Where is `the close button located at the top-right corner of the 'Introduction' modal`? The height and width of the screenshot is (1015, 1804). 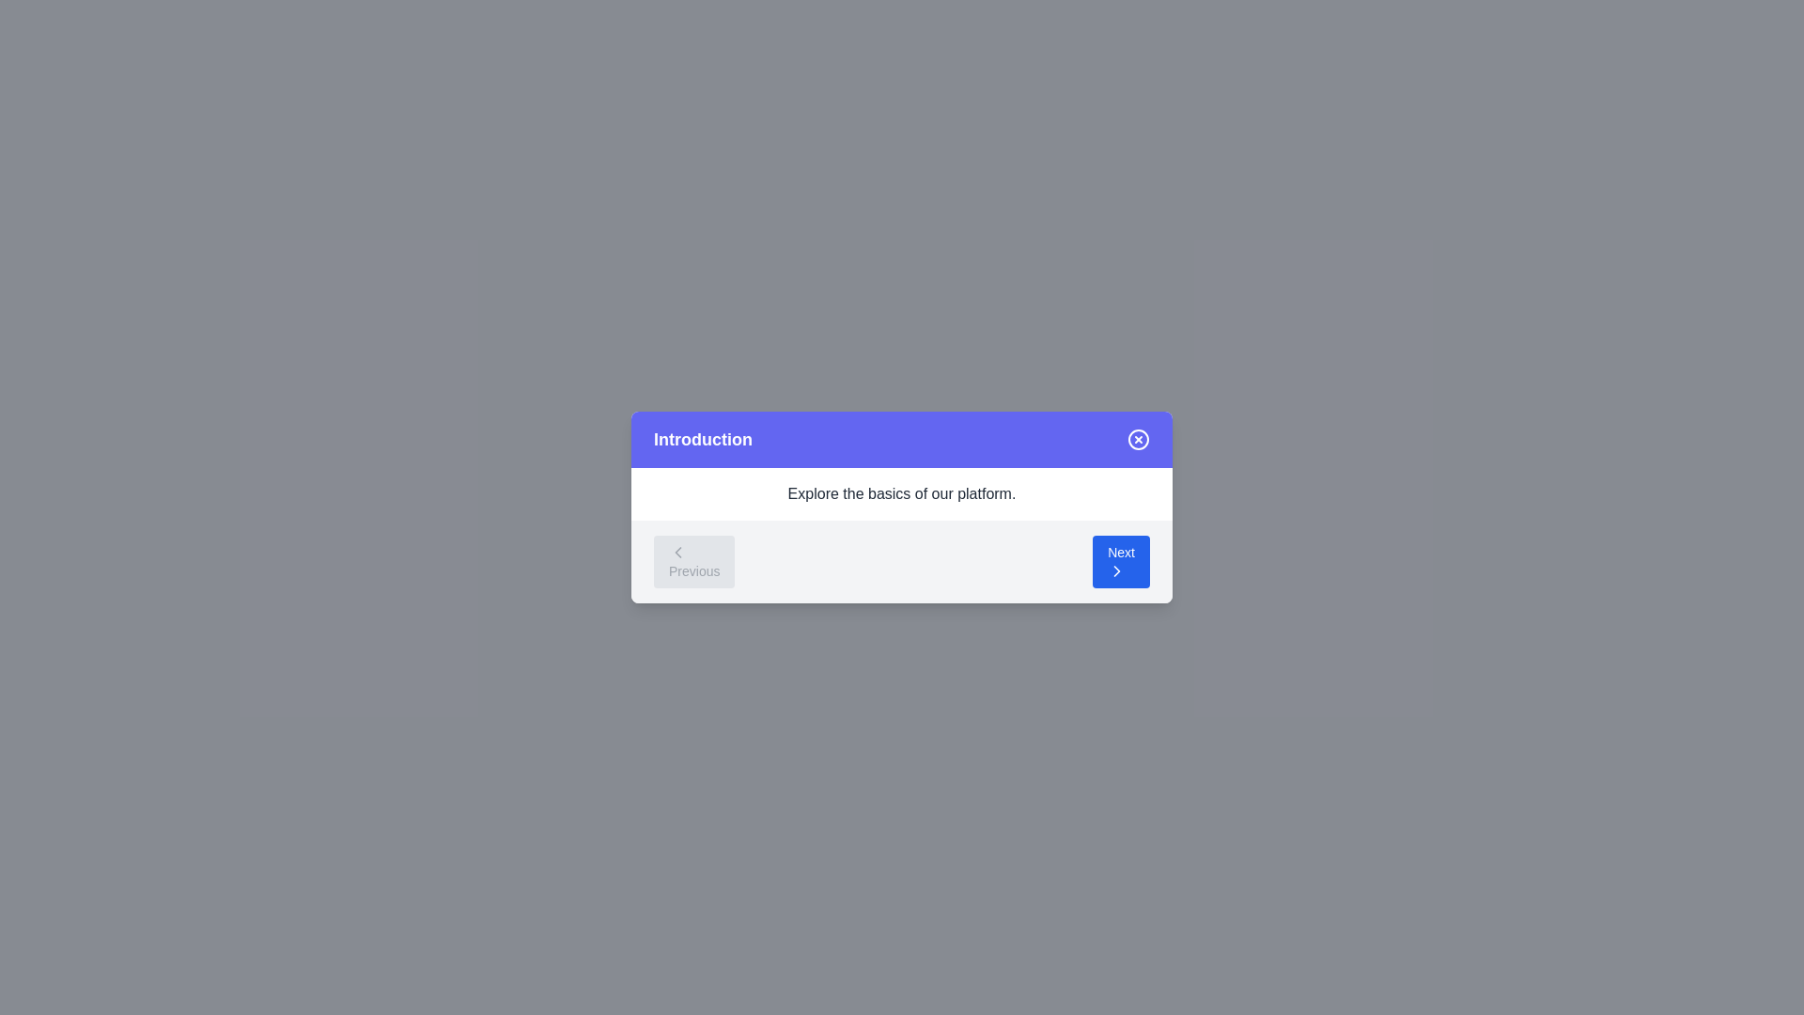 the close button located at the top-right corner of the 'Introduction' modal is located at coordinates (1137, 439).